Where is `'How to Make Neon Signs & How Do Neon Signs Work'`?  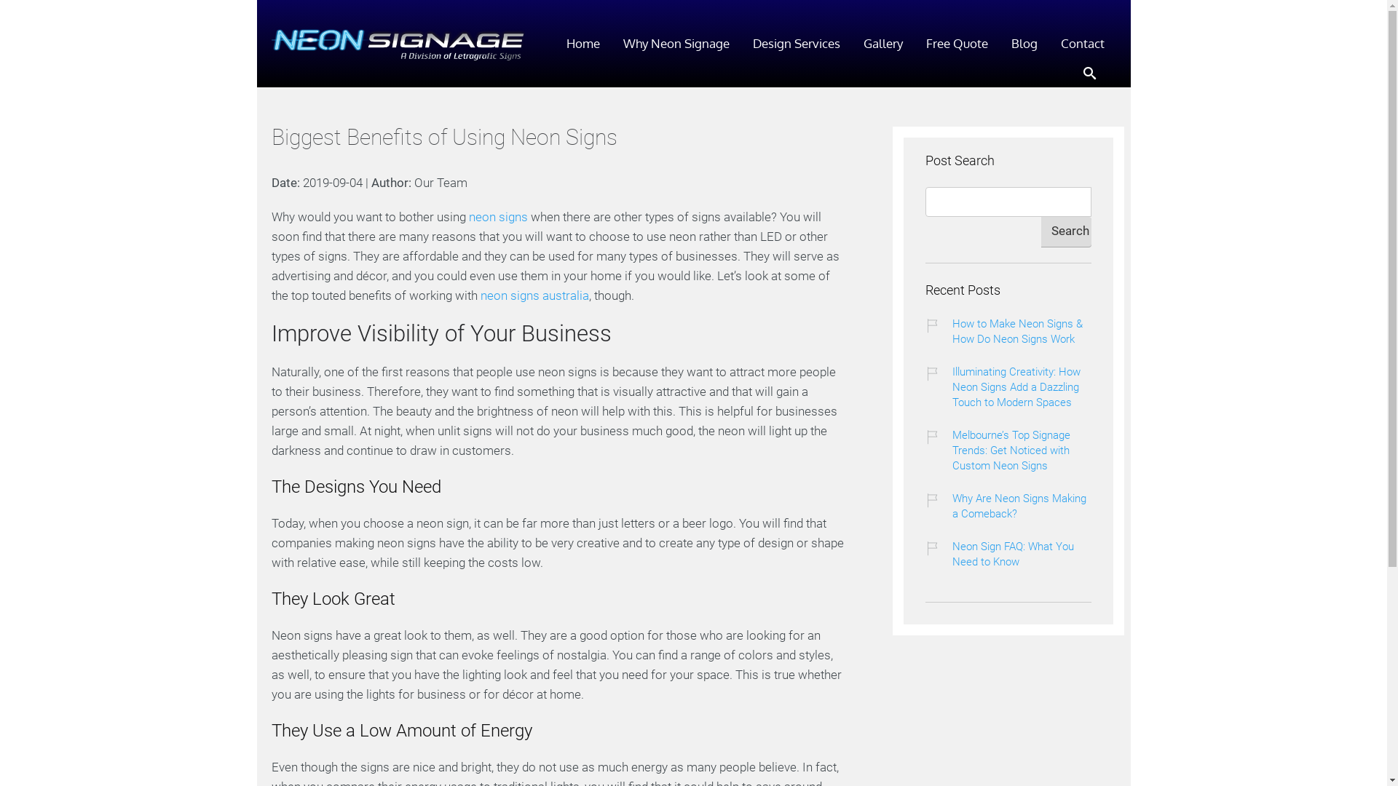 'How to Make Neon Signs & How Do Neon Signs Work' is located at coordinates (1021, 331).